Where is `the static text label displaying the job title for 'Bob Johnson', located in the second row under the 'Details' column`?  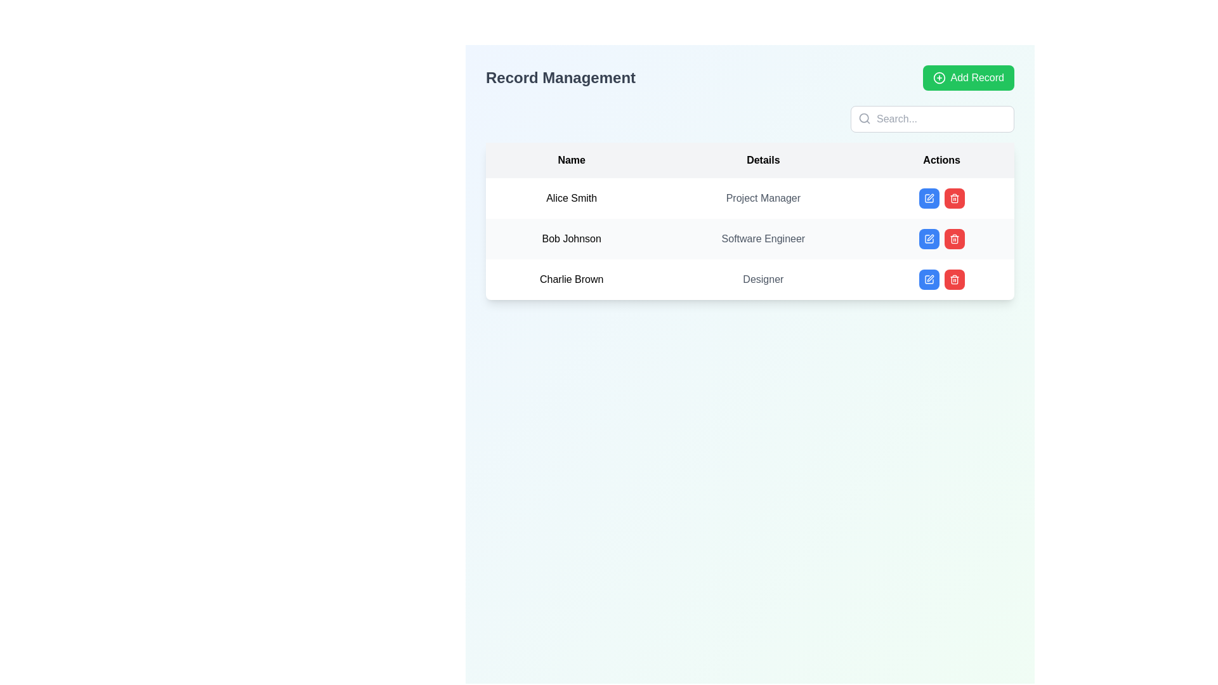 the static text label displaying the job title for 'Bob Johnson', located in the second row under the 'Details' column is located at coordinates (763, 239).